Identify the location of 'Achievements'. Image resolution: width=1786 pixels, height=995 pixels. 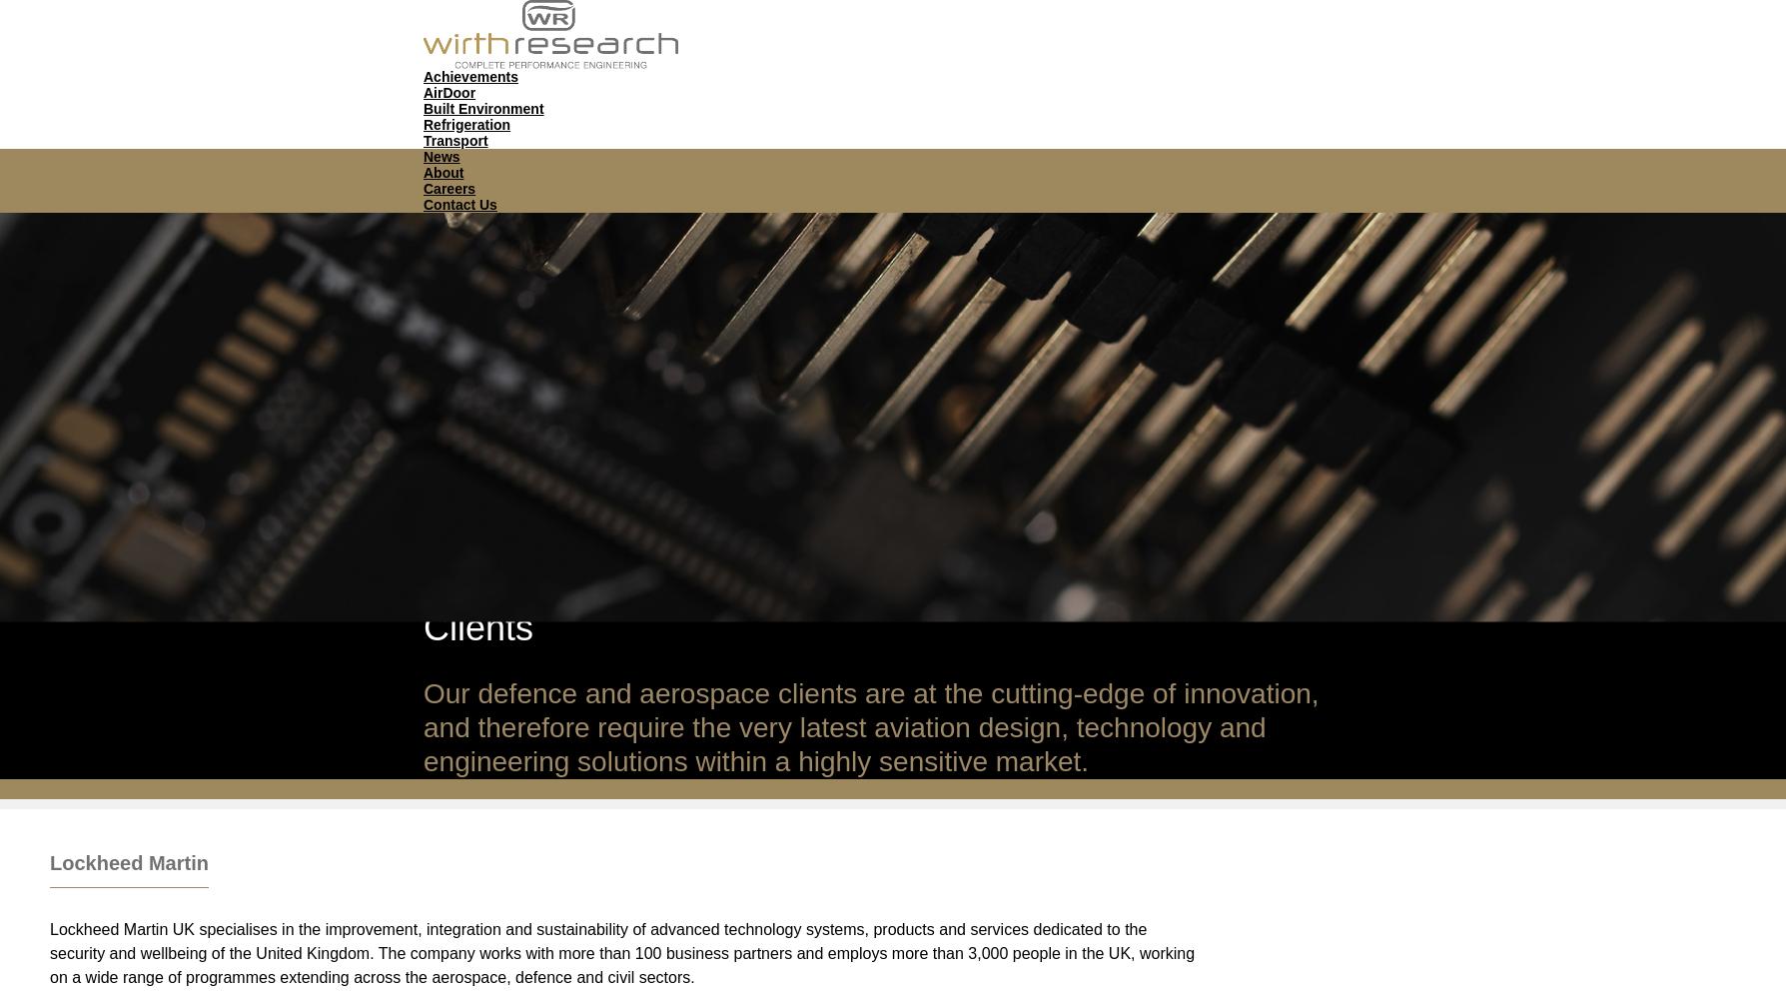
(469, 74).